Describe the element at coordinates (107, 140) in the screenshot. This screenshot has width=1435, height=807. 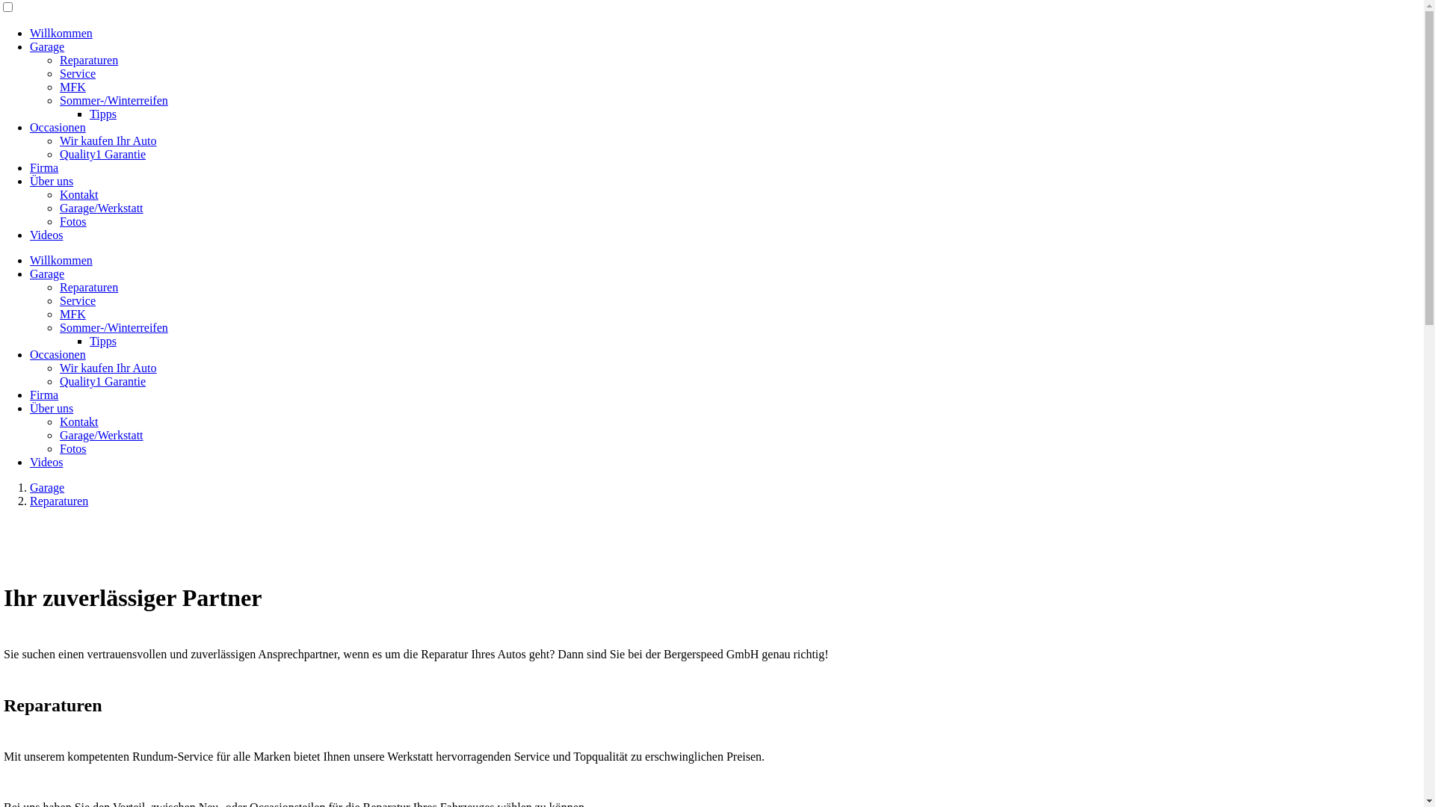
I see `'Wir kaufen Ihr Auto'` at that location.